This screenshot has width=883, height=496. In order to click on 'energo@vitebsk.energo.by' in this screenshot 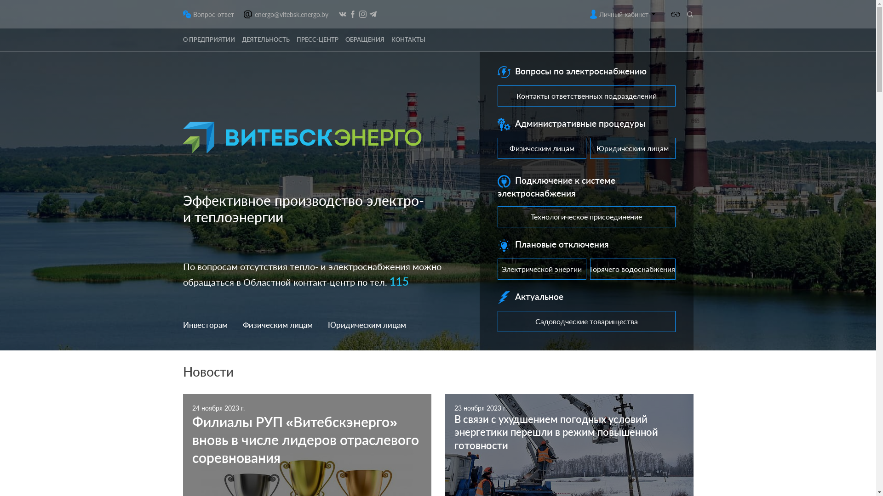, I will do `click(291, 14)`.